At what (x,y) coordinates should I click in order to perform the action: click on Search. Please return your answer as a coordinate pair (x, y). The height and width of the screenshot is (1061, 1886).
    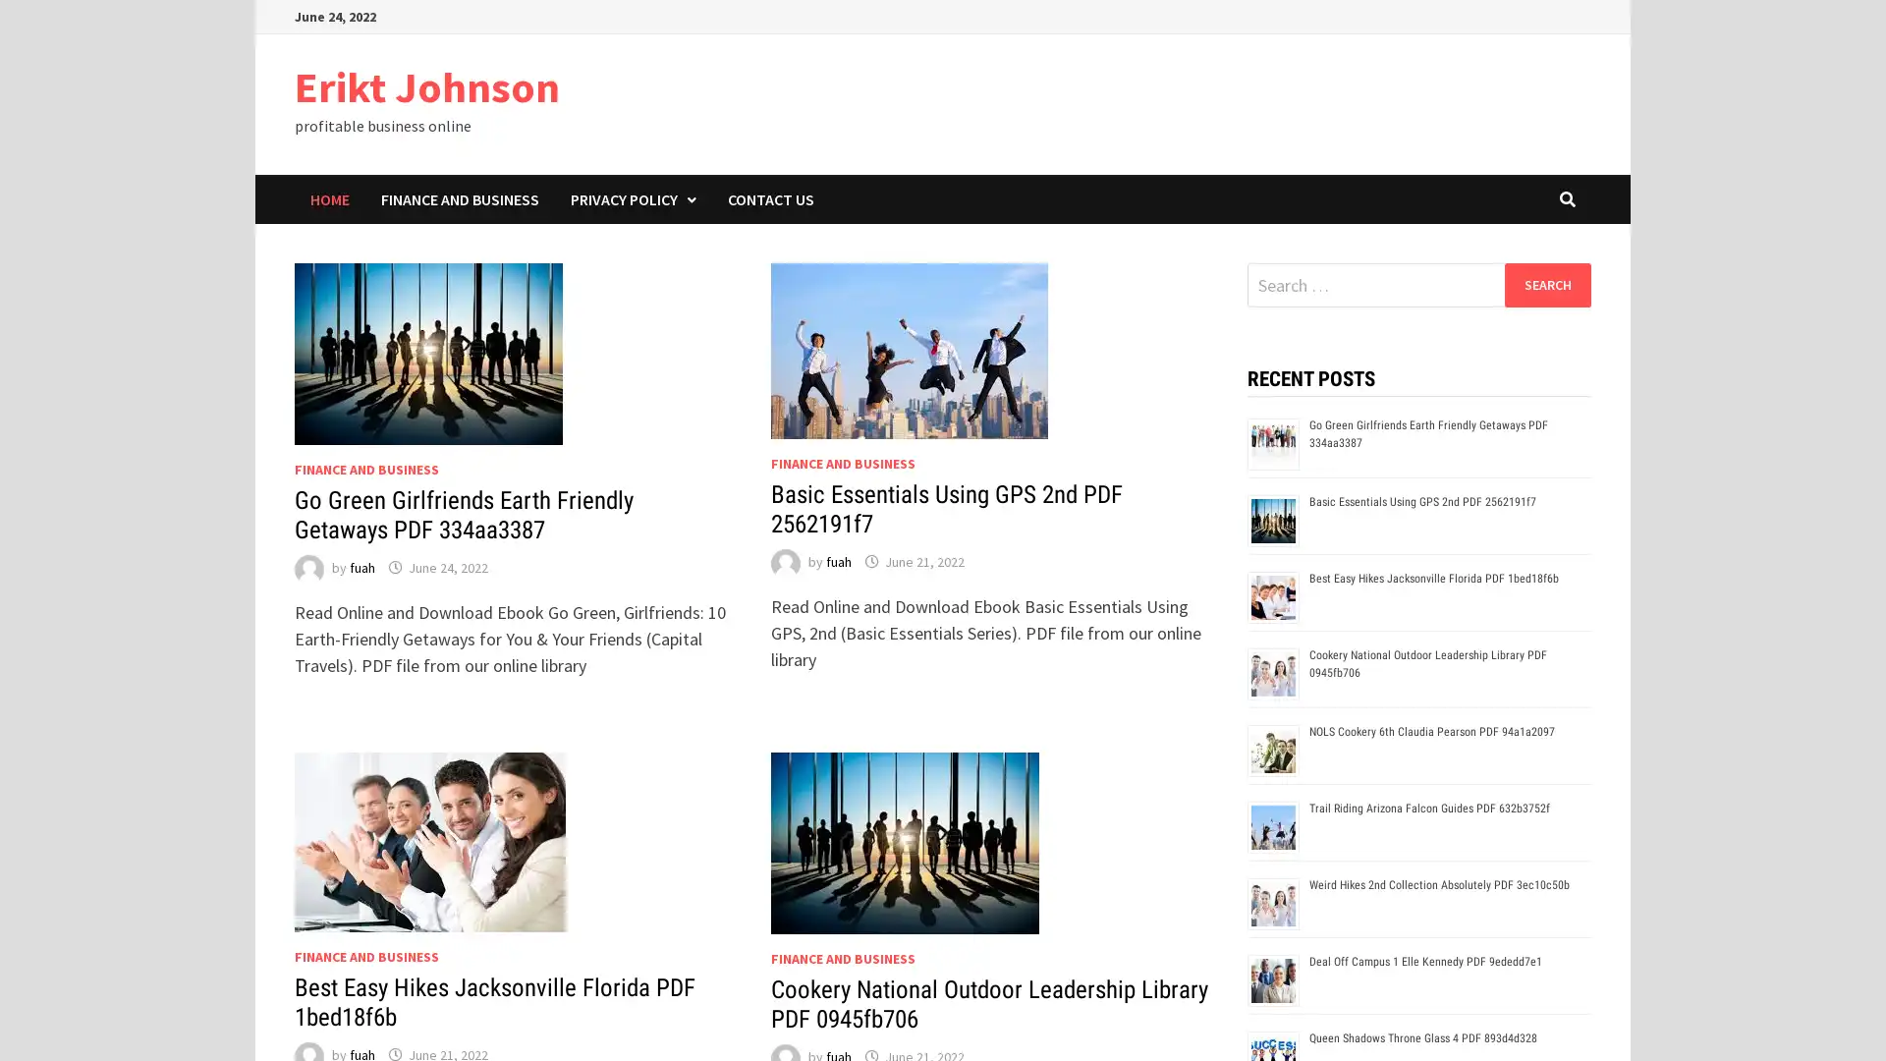
    Looking at the image, I should click on (1546, 284).